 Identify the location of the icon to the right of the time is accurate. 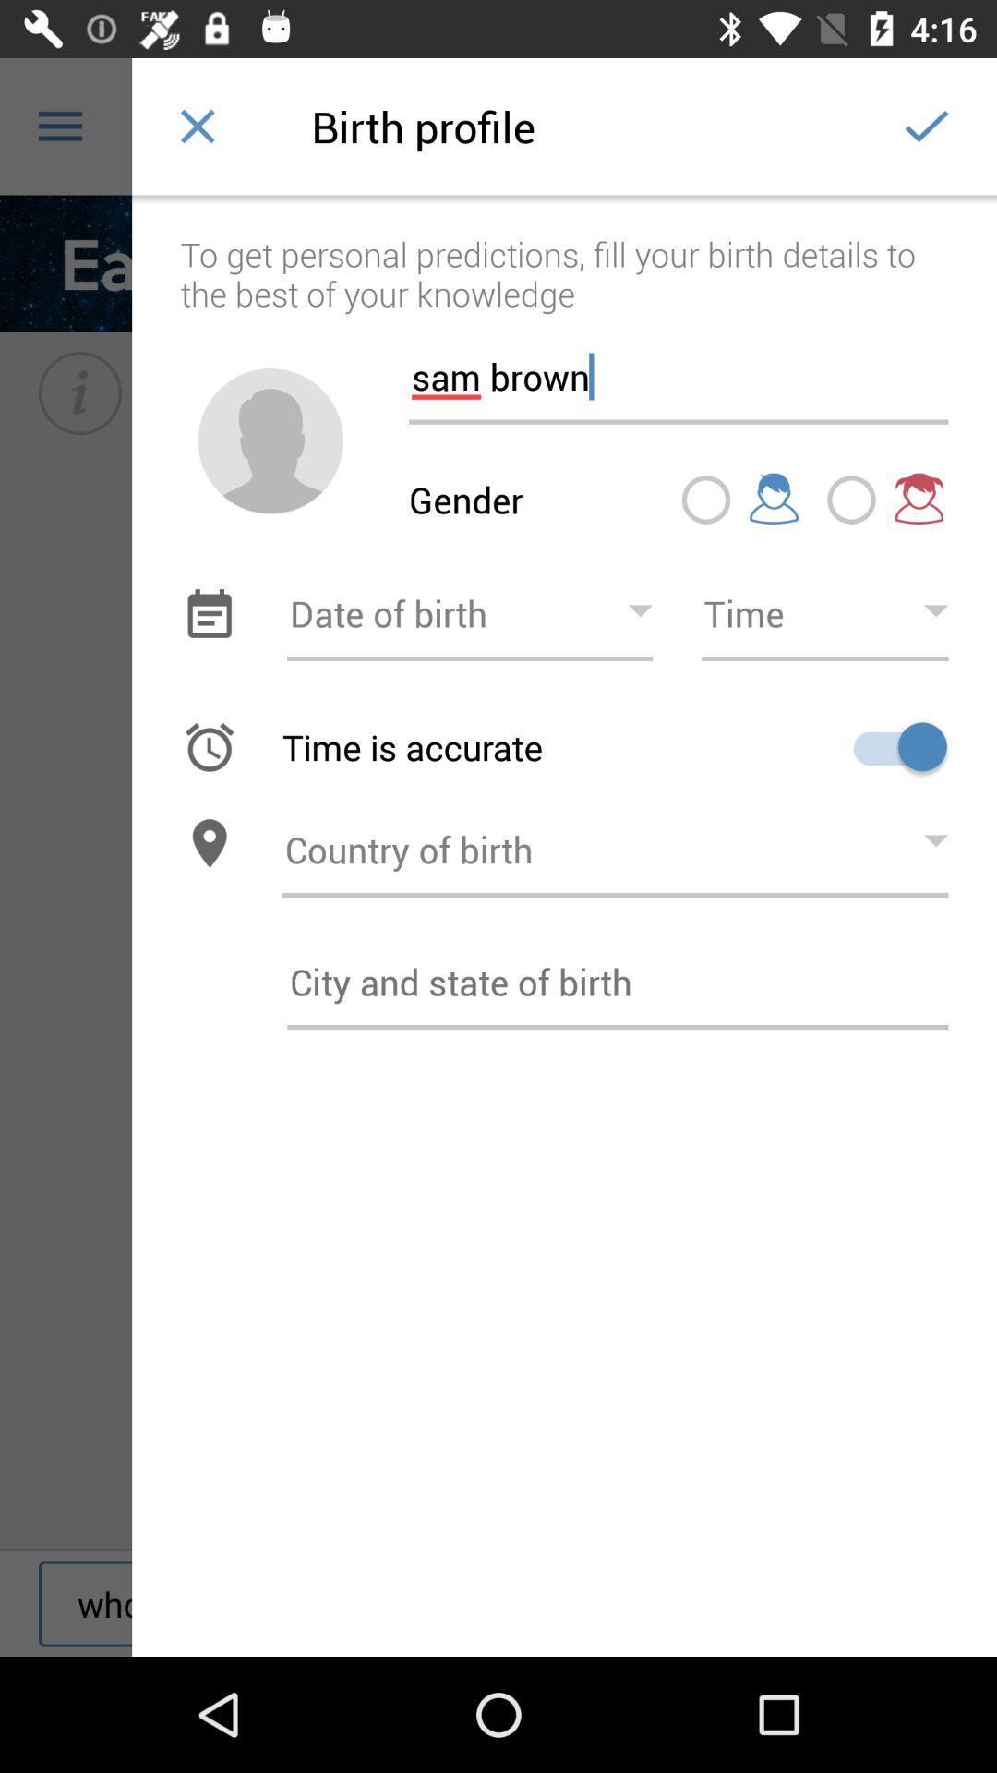
(893, 746).